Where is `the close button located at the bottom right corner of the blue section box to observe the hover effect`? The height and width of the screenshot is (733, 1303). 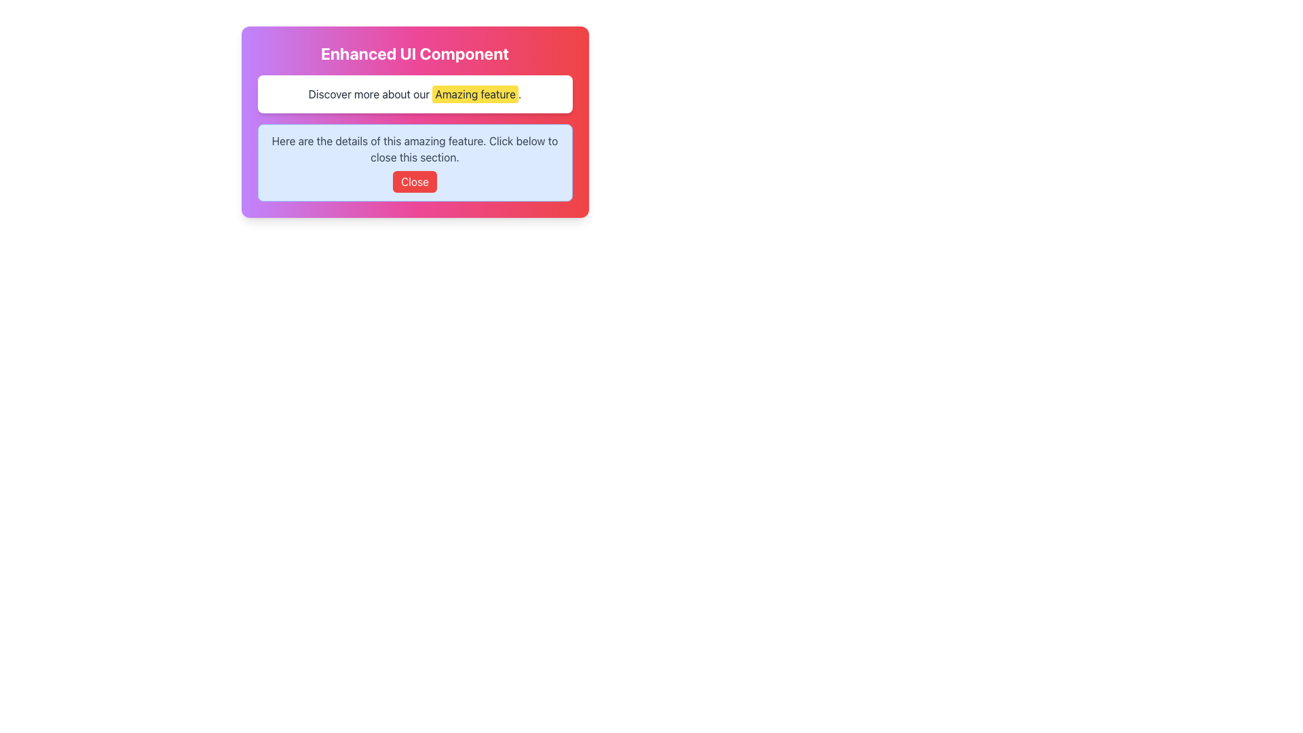 the close button located at the bottom right corner of the blue section box to observe the hover effect is located at coordinates (414, 181).